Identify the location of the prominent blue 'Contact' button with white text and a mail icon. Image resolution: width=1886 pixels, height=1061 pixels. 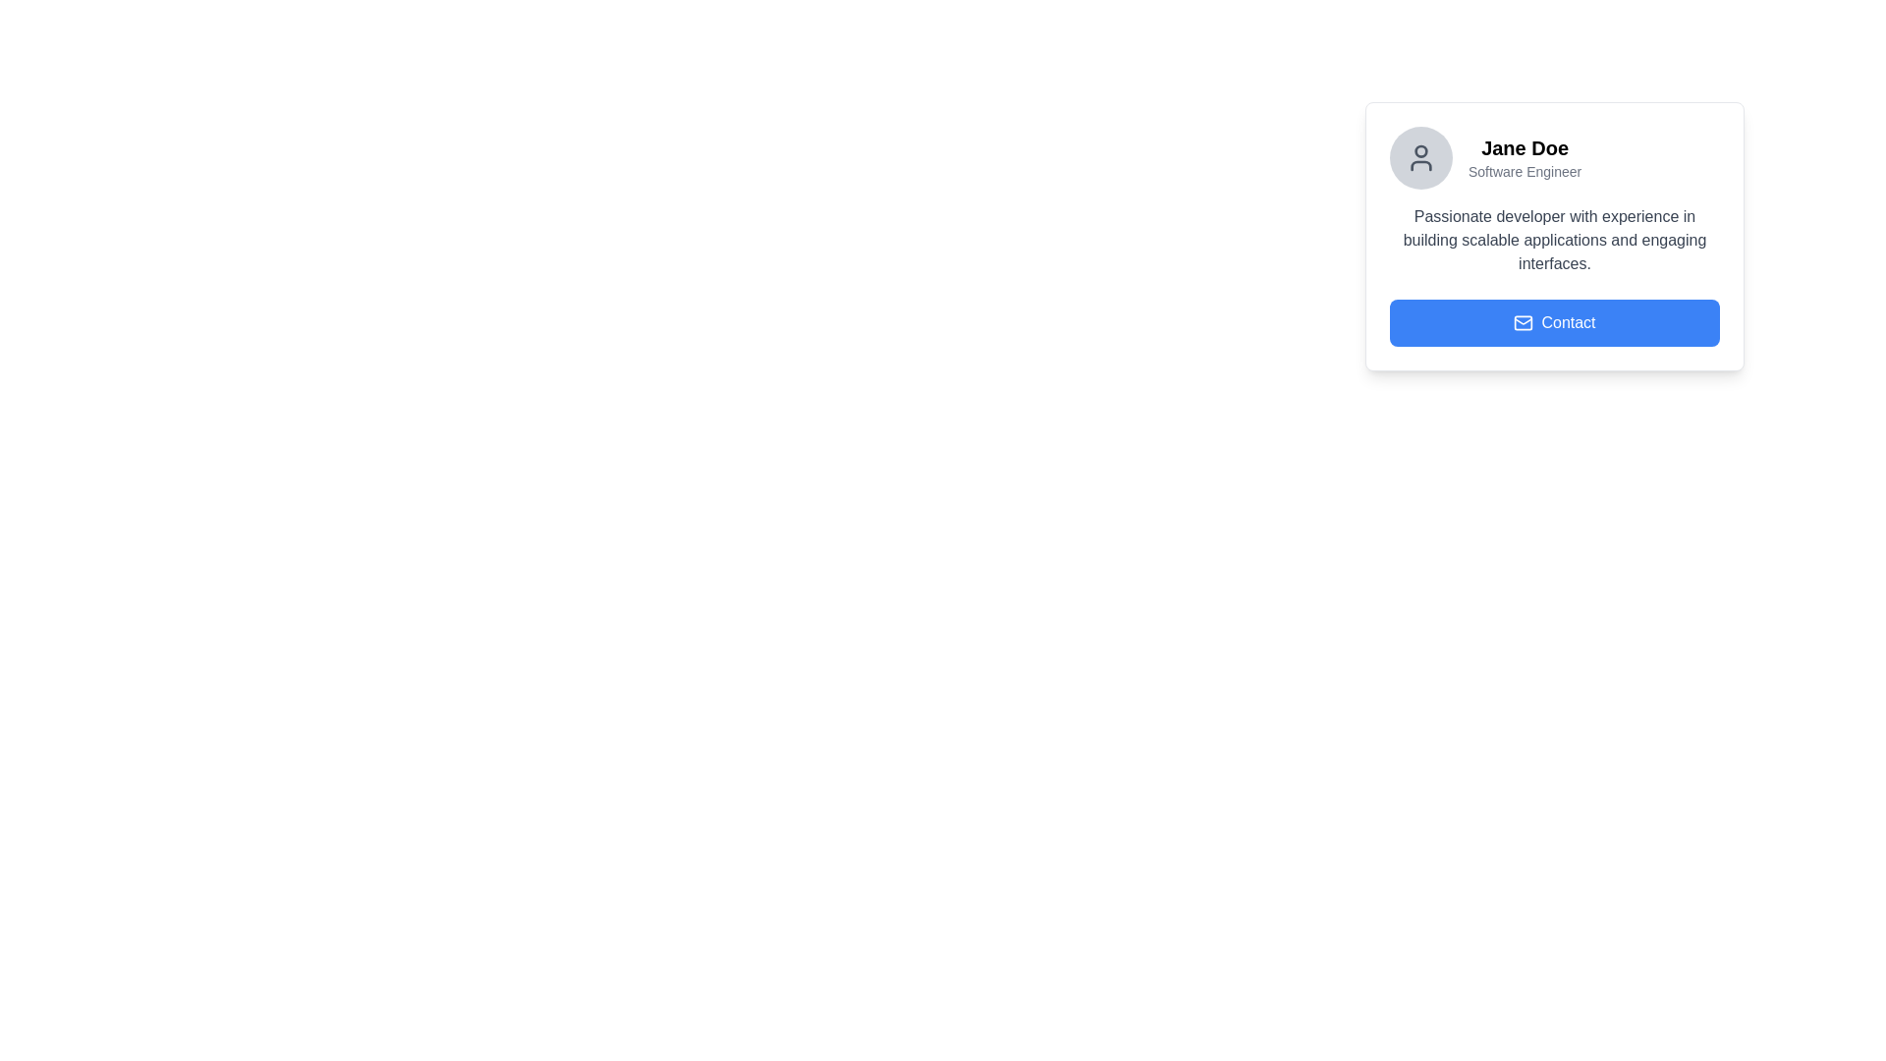
(1554, 321).